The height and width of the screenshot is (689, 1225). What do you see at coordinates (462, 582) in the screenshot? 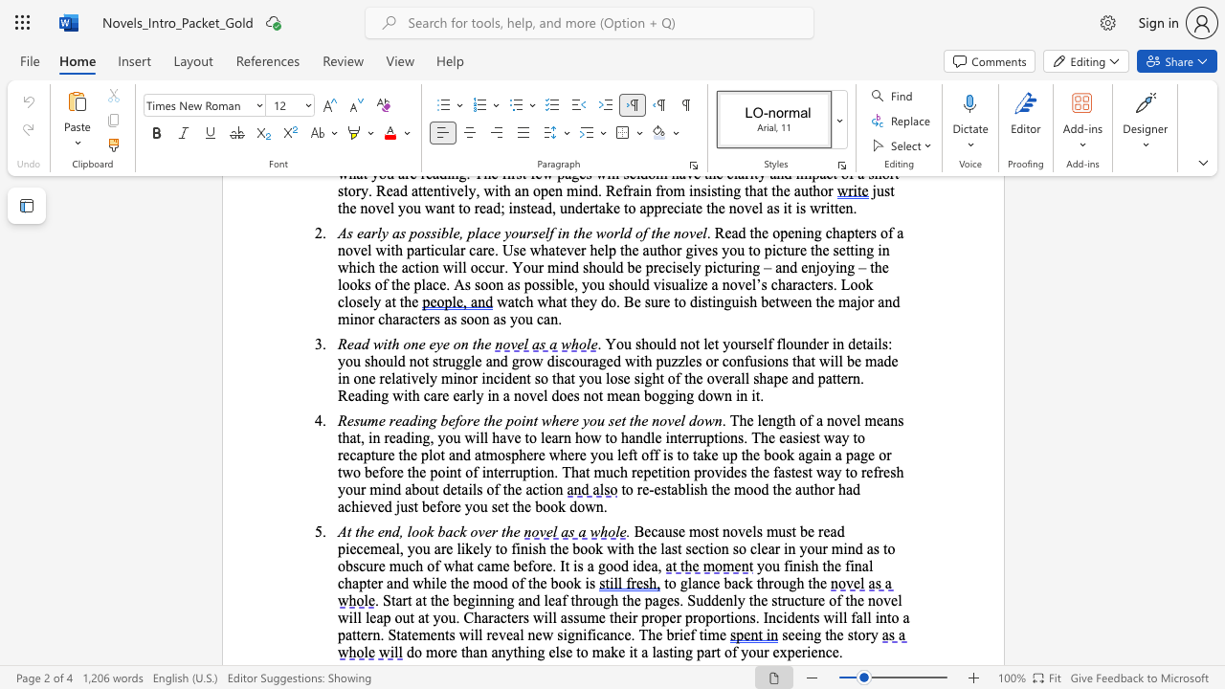
I see `the subset text "e mood of the book is" within the text "and while the mood of the book is"` at bounding box center [462, 582].